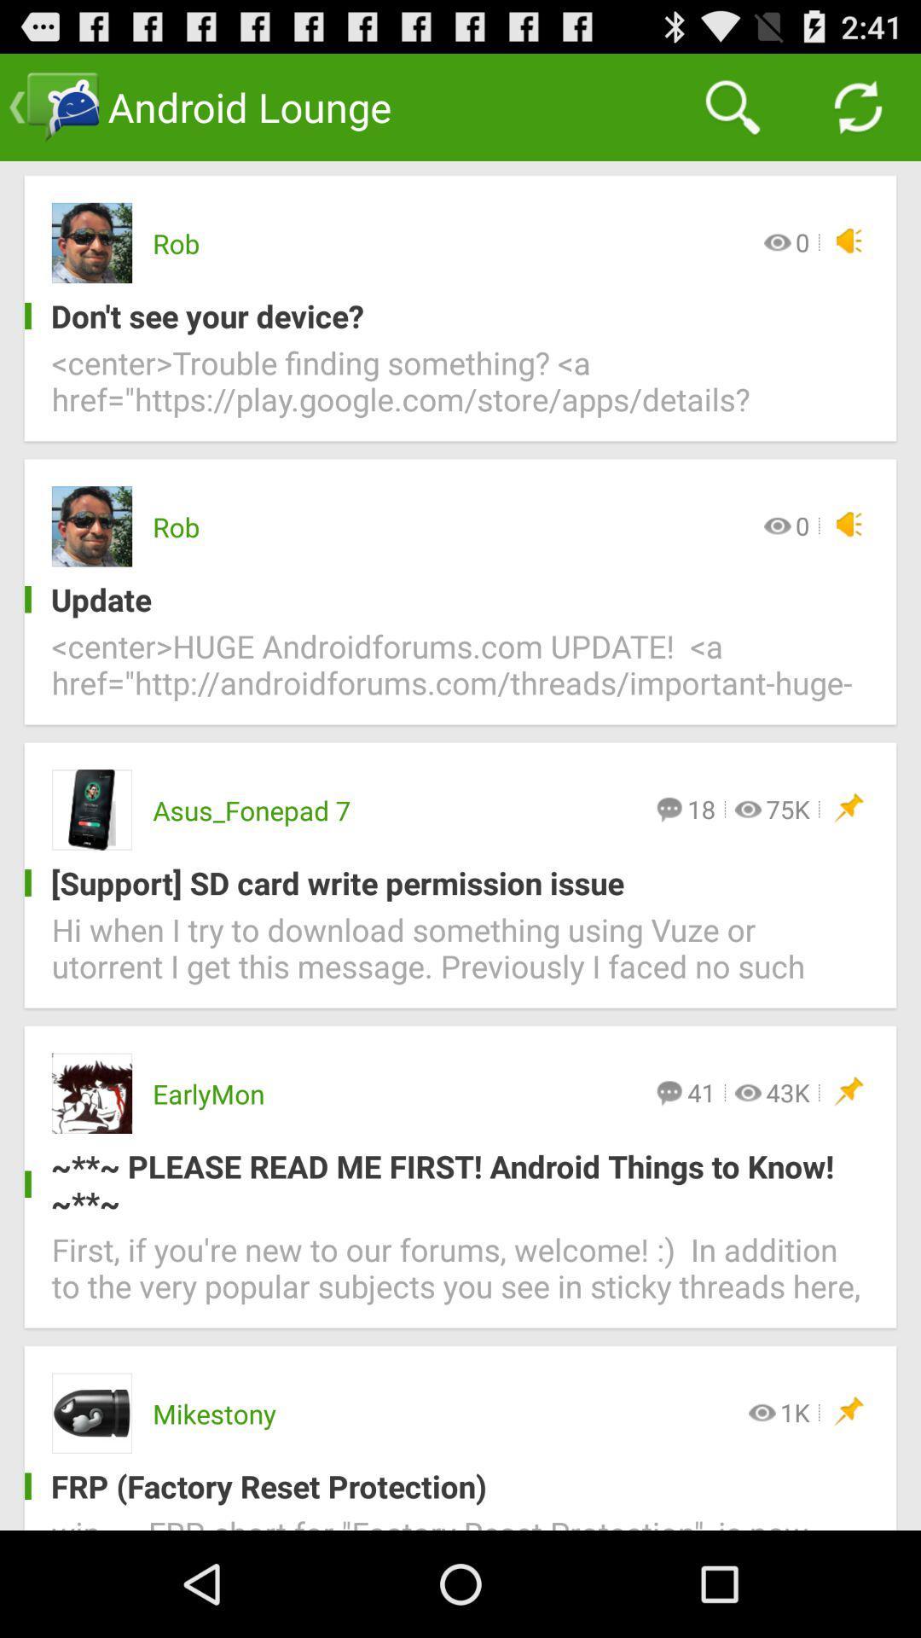 The width and height of the screenshot is (921, 1638). I want to click on the hi when i icon, so click(460, 958).